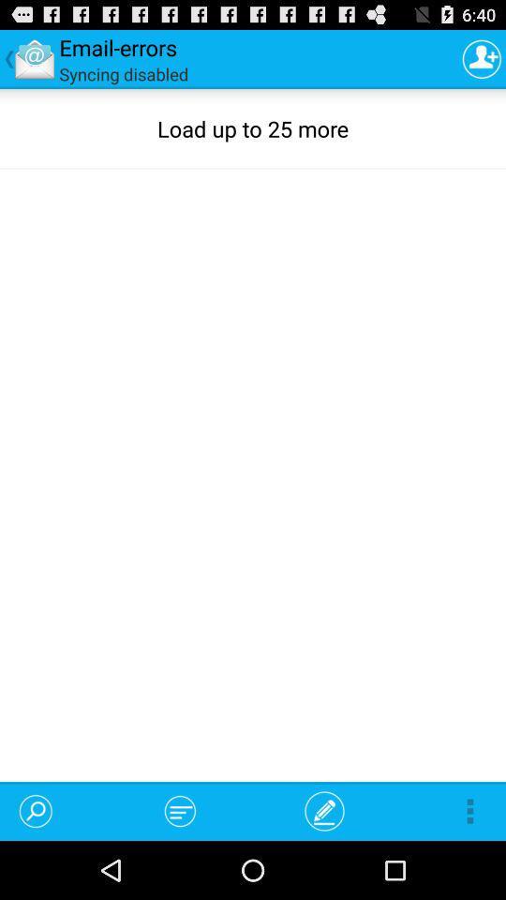 Image resolution: width=506 pixels, height=900 pixels. What do you see at coordinates (482, 58) in the screenshot?
I see `the item to the right of syncing disabled item` at bounding box center [482, 58].